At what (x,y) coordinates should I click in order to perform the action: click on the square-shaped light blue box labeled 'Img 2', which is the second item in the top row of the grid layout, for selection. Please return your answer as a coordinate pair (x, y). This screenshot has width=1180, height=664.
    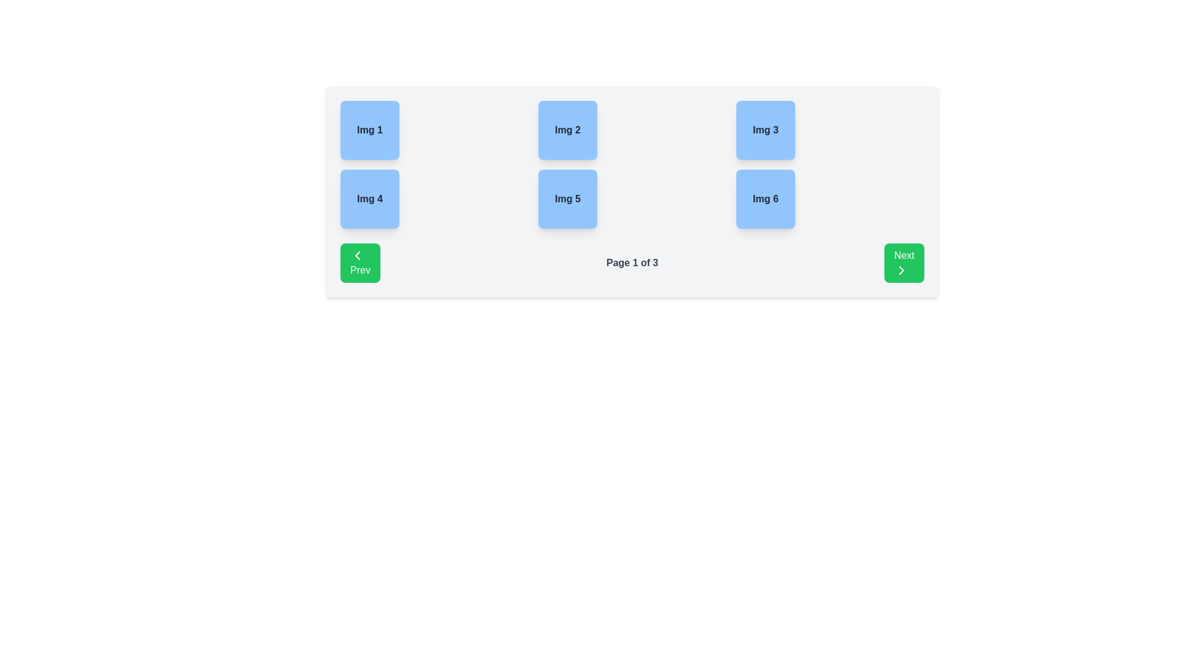
    Looking at the image, I should click on (567, 130).